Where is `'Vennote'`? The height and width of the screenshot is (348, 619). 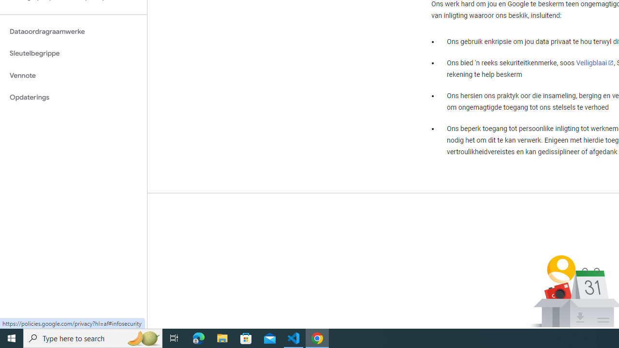 'Vennote' is located at coordinates (73, 75).